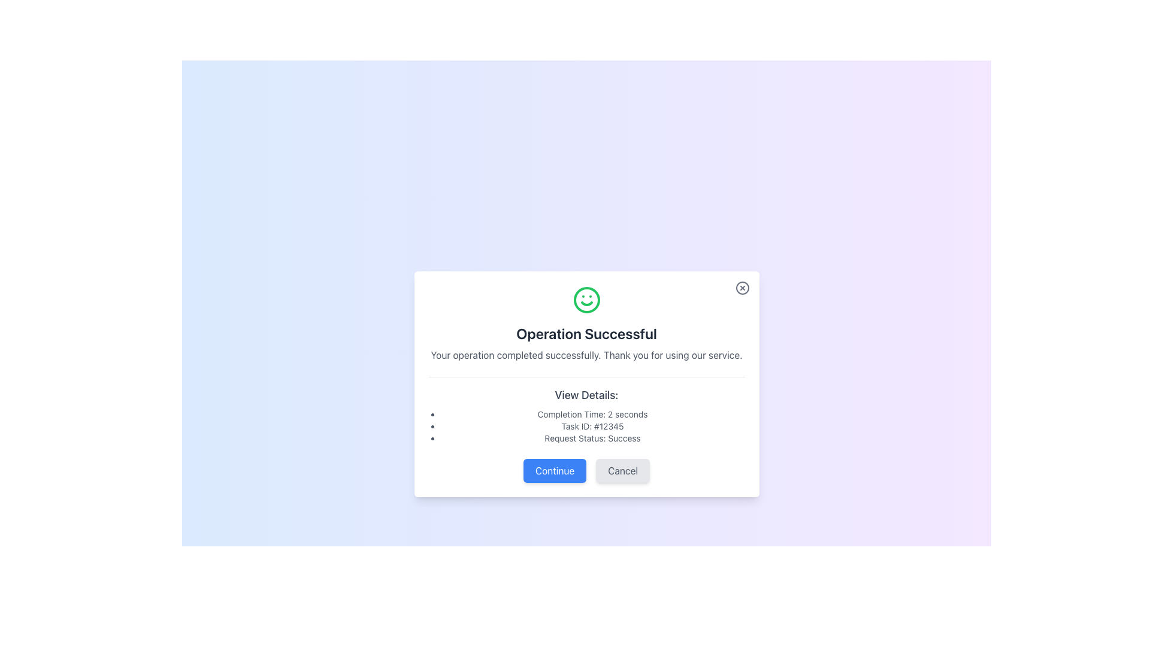  Describe the element at coordinates (554, 470) in the screenshot. I see `the rectangular blue button labeled 'Continue' to apply focus ring styling` at that location.